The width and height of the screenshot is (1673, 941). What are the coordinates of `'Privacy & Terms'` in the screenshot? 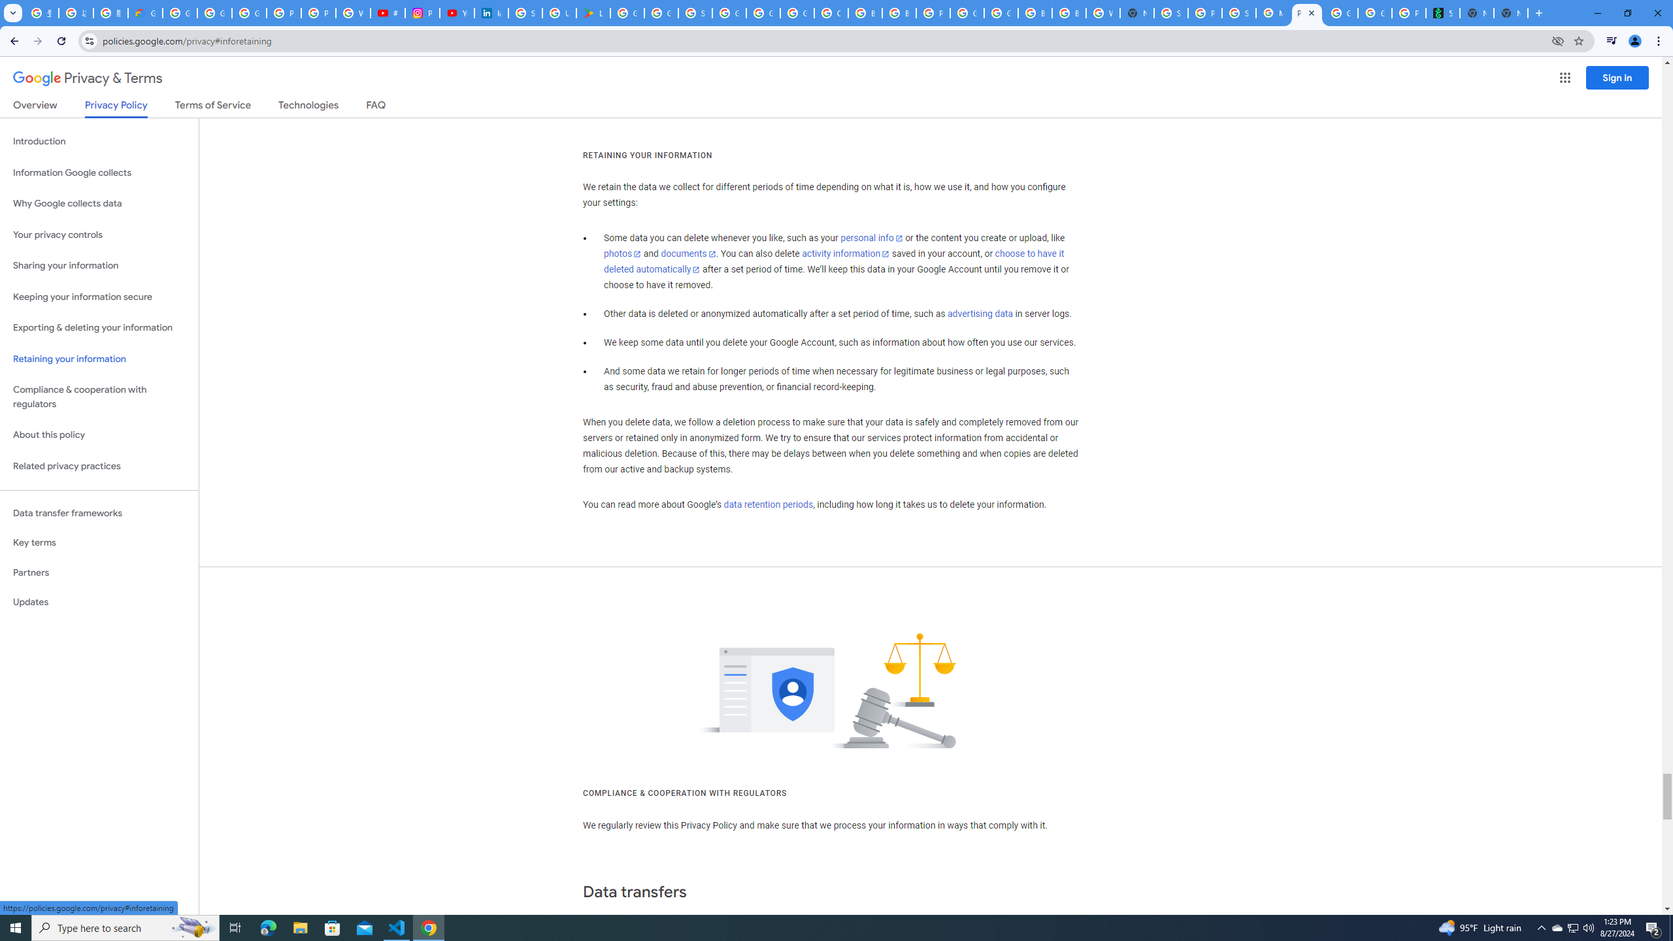 It's located at (88, 78).